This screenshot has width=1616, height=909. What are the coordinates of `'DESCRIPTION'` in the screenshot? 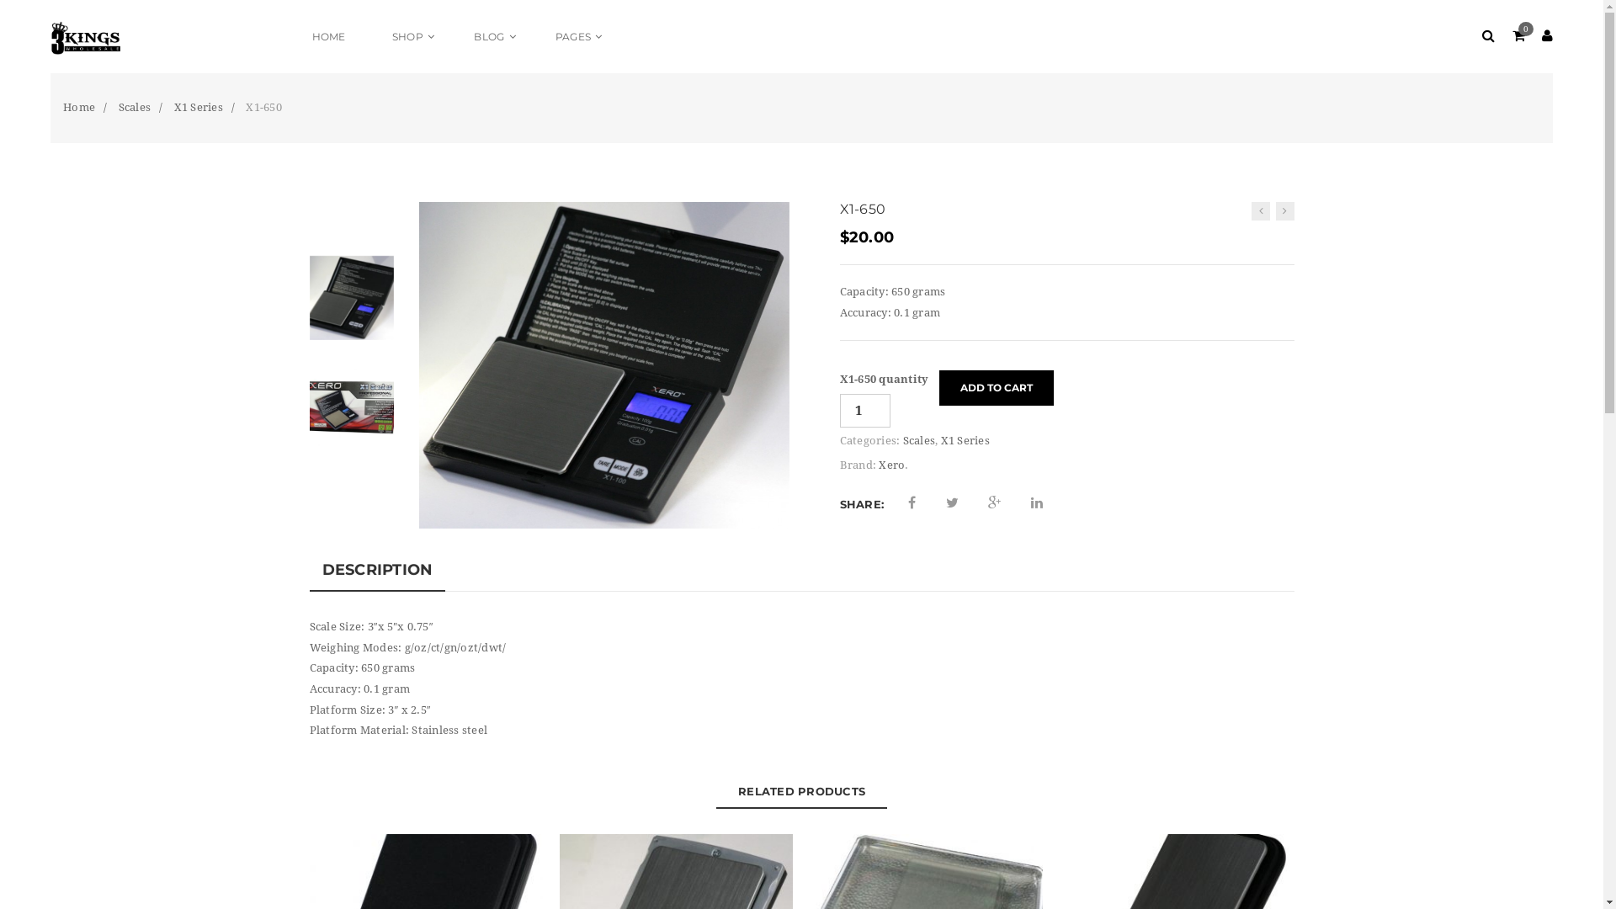 It's located at (310, 570).